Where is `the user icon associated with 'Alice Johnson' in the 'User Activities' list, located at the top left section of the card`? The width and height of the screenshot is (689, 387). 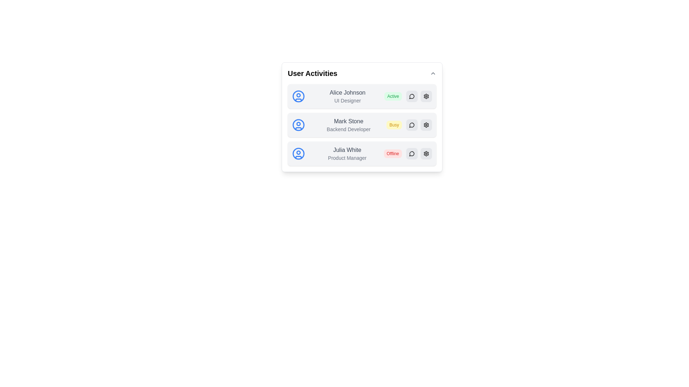 the user icon associated with 'Alice Johnson' in the 'User Activities' list, located at the top left section of the card is located at coordinates (298, 96).